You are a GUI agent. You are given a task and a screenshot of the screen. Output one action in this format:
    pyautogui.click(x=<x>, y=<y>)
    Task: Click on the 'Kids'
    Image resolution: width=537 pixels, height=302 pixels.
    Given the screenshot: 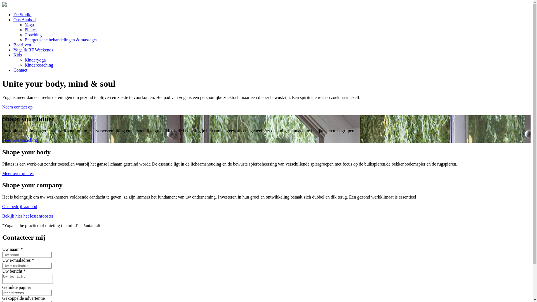 What is the action you would take?
    pyautogui.click(x=13, y=55)
    